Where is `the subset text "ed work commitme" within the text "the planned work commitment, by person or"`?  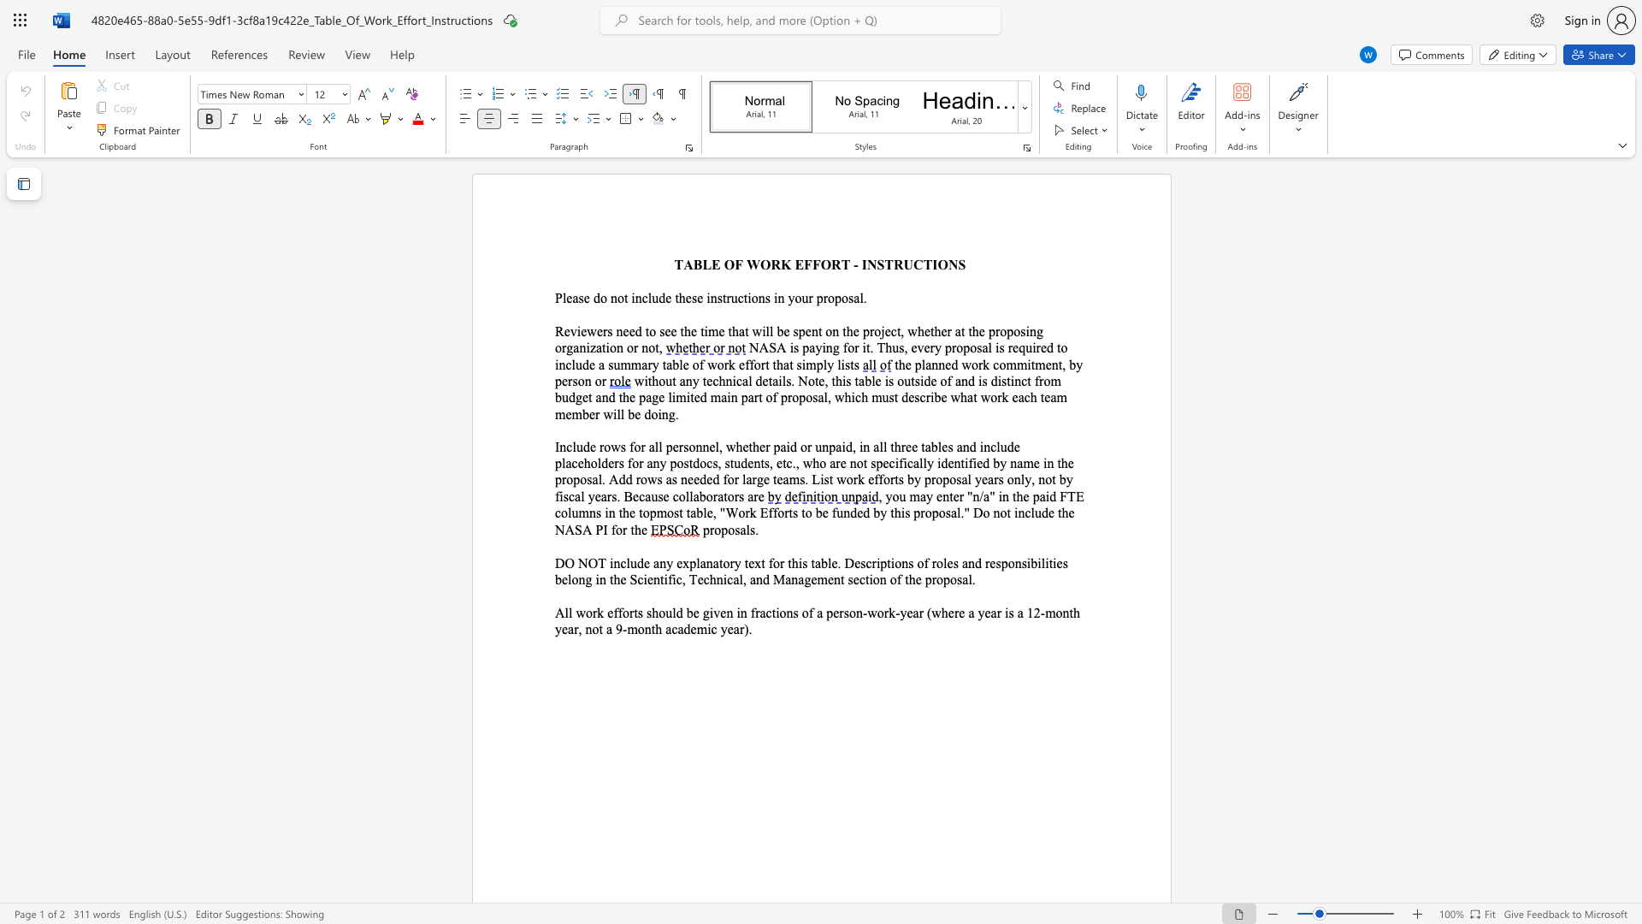 the subset text "ed work commitme" within the text "the planned work commitment, by person or" is located at coordinates (944, 364).